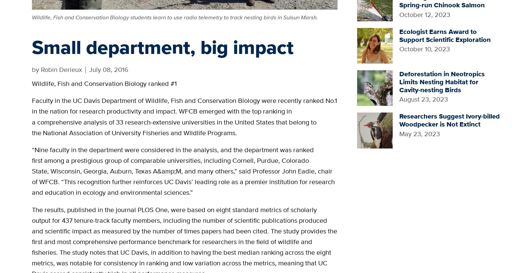 Image resolution: width=532 pixels, height=273 pixels. Describe the element at coordinates (89, 69) in the screenshot. I see `'July 08, 2016'` at that location.